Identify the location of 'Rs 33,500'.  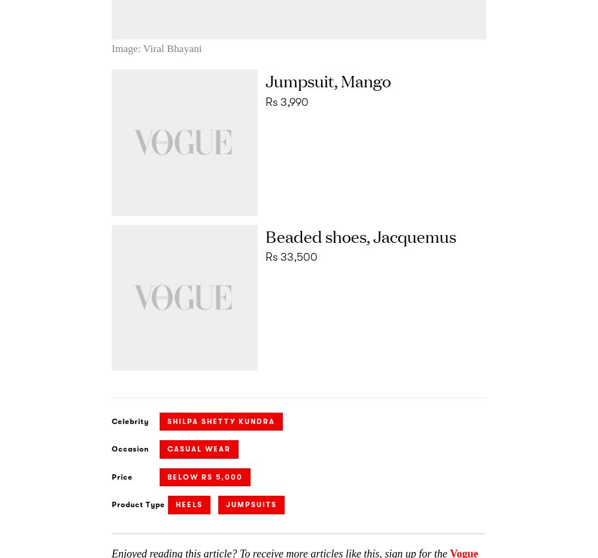
(290, 257).